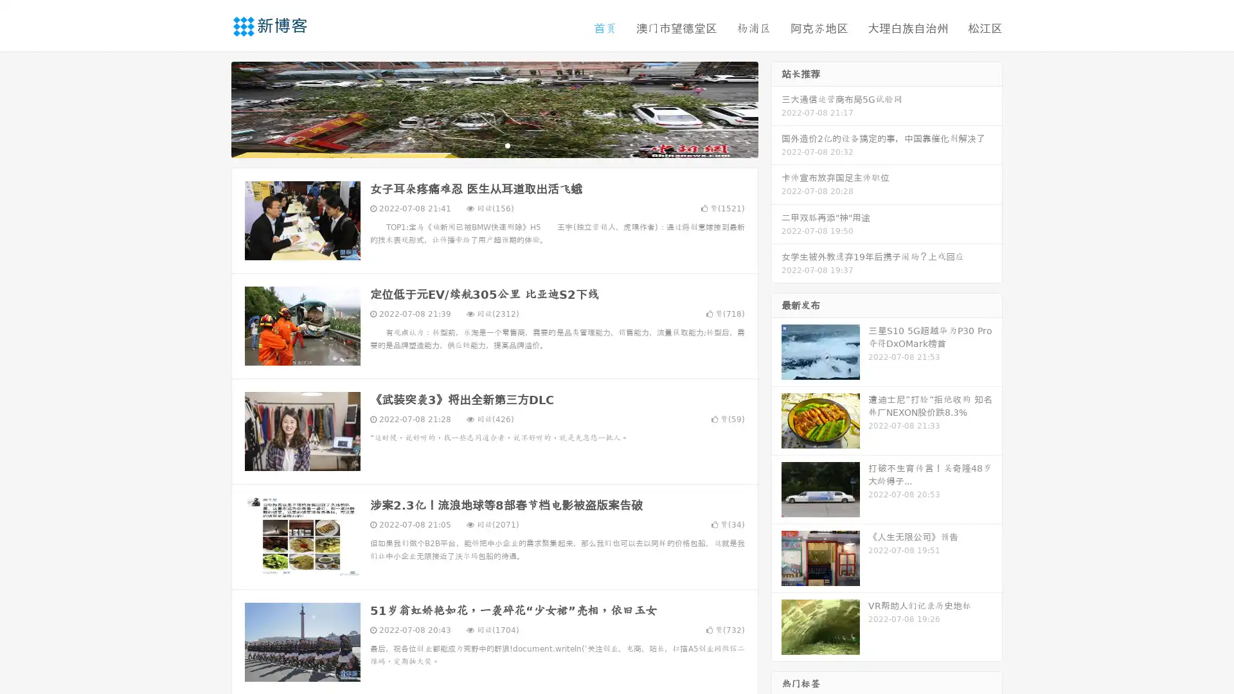 Image resolution: width=1234 pixels, height=694 pixels. What do you see at coordinates (494, 145) in the screenshot?
I see `Go to slide 2` at bounding box center [494, 145].